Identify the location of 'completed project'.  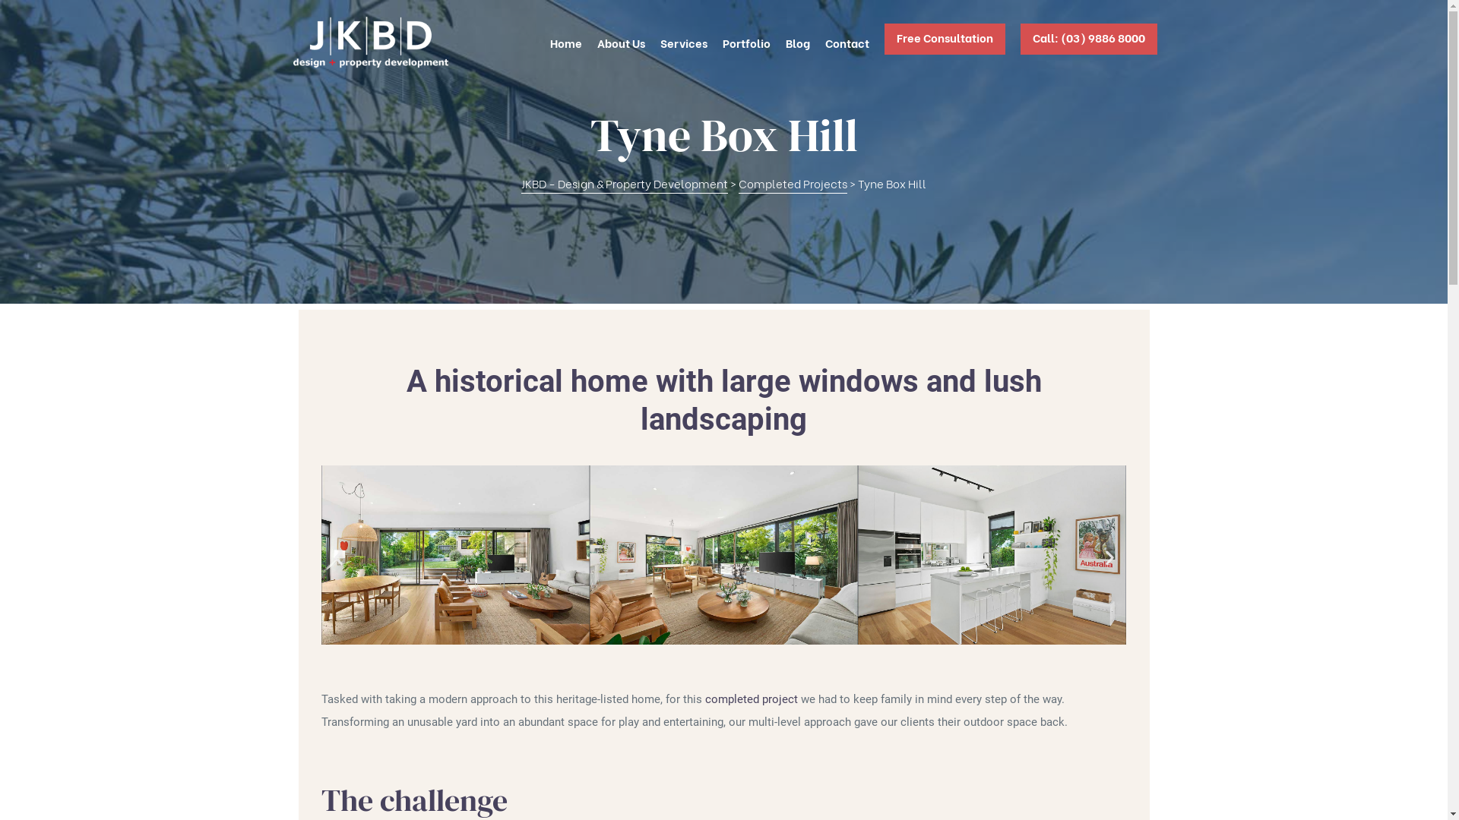
(751, 699).